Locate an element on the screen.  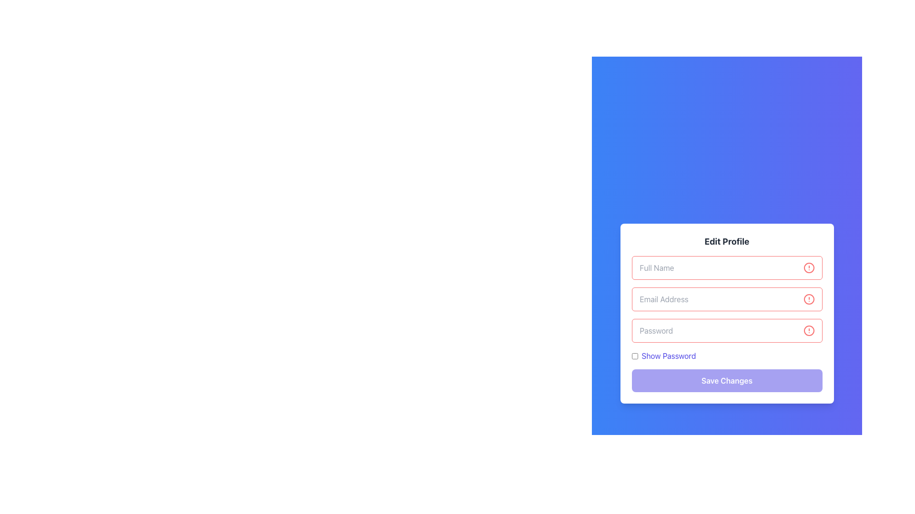
the alert icon positioned to the far right of the 'Full Name' input field, which indicates an error or important notice related to the field is located at coordinates (808, 268).